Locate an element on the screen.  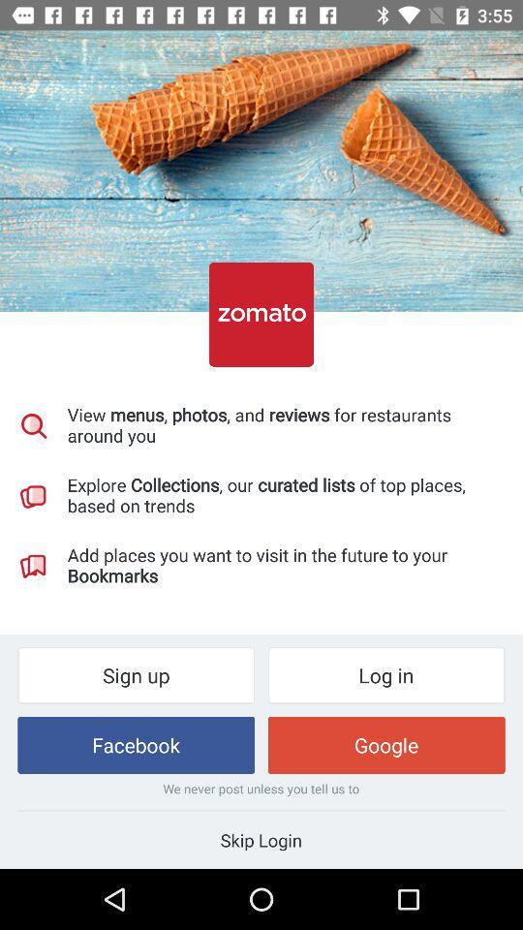
icon to the right of sign up icon is located at coordinates (386, 675).